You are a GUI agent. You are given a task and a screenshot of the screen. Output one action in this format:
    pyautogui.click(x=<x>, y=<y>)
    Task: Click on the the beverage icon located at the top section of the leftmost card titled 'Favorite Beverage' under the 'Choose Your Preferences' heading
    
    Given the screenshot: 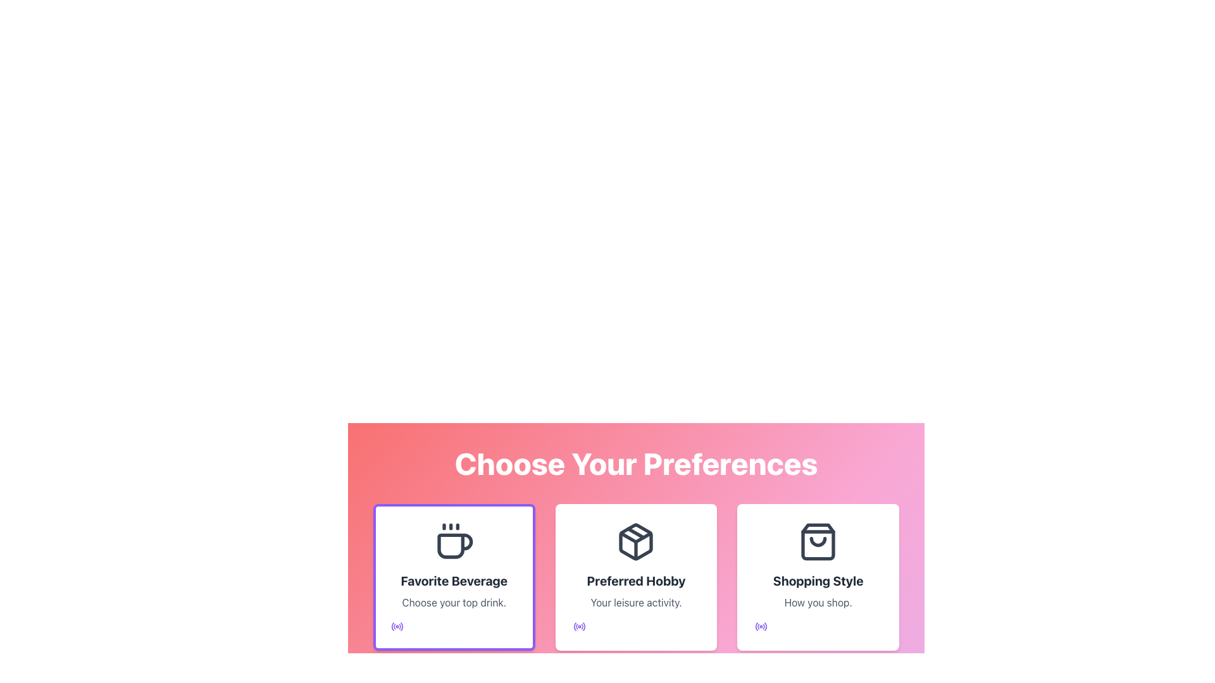 What is the action you would take?
    pyautogui.click(x=454, y=541)
    